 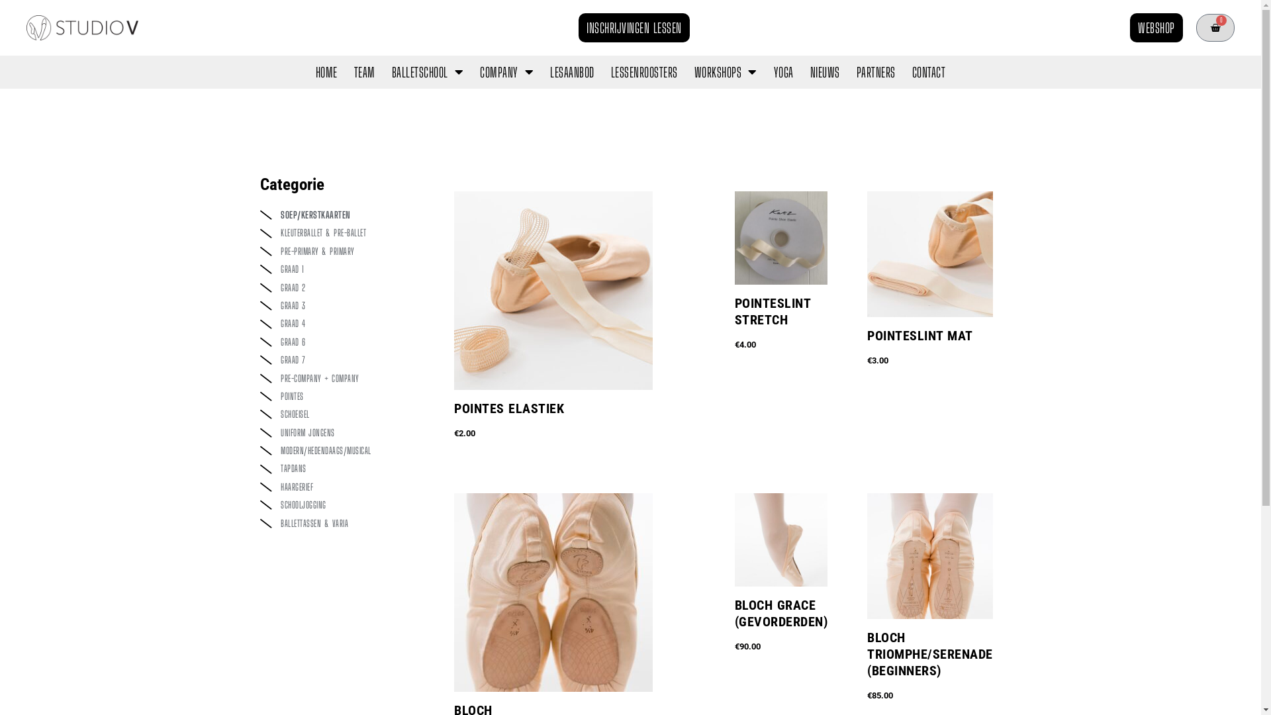 What do you see at coordinates (876, 71) in the screenshot?
I see `'PARTNERS'` at bounding box center [876, 71].